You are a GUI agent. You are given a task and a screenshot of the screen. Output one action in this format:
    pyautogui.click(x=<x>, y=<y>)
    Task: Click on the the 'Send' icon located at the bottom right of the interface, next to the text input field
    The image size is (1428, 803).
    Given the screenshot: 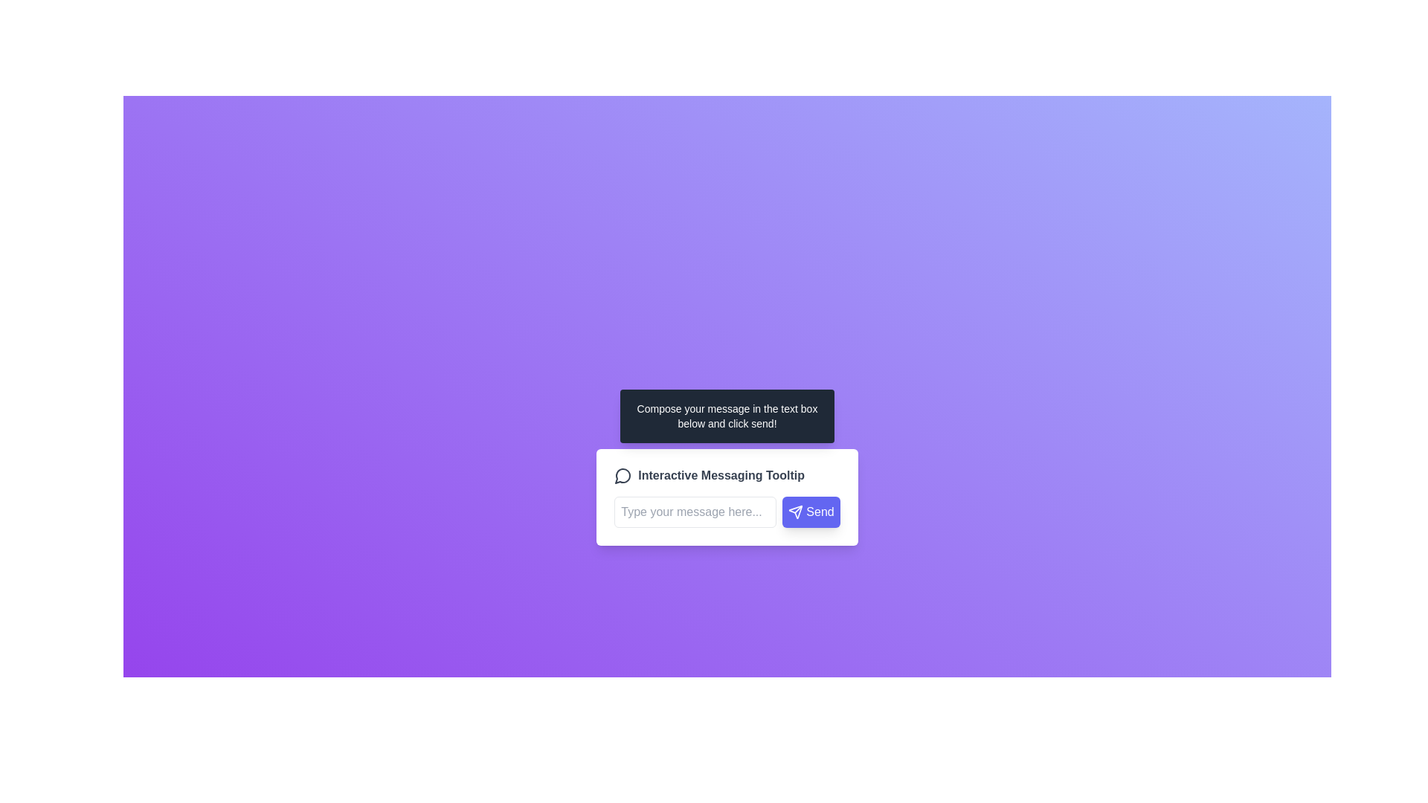 What is the action you would take?
    pyautogui.click(x=795, y=512)
    